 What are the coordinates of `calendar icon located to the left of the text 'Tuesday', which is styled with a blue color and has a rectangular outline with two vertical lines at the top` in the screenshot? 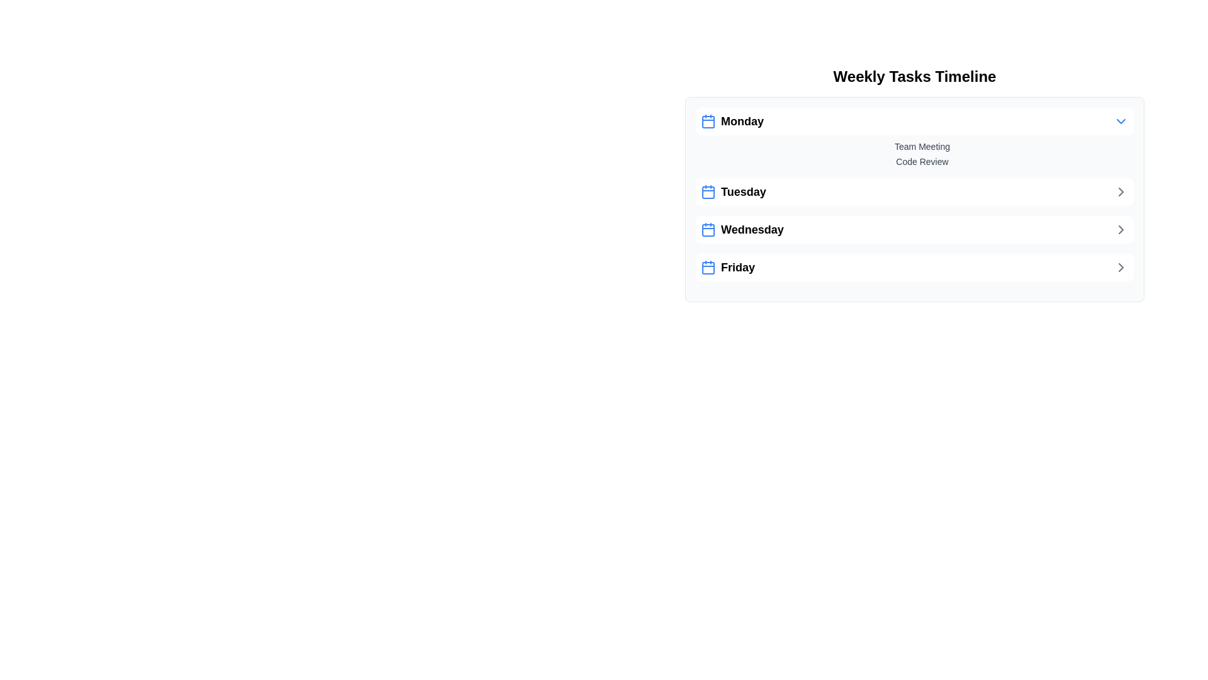 It's located at (708, 191).